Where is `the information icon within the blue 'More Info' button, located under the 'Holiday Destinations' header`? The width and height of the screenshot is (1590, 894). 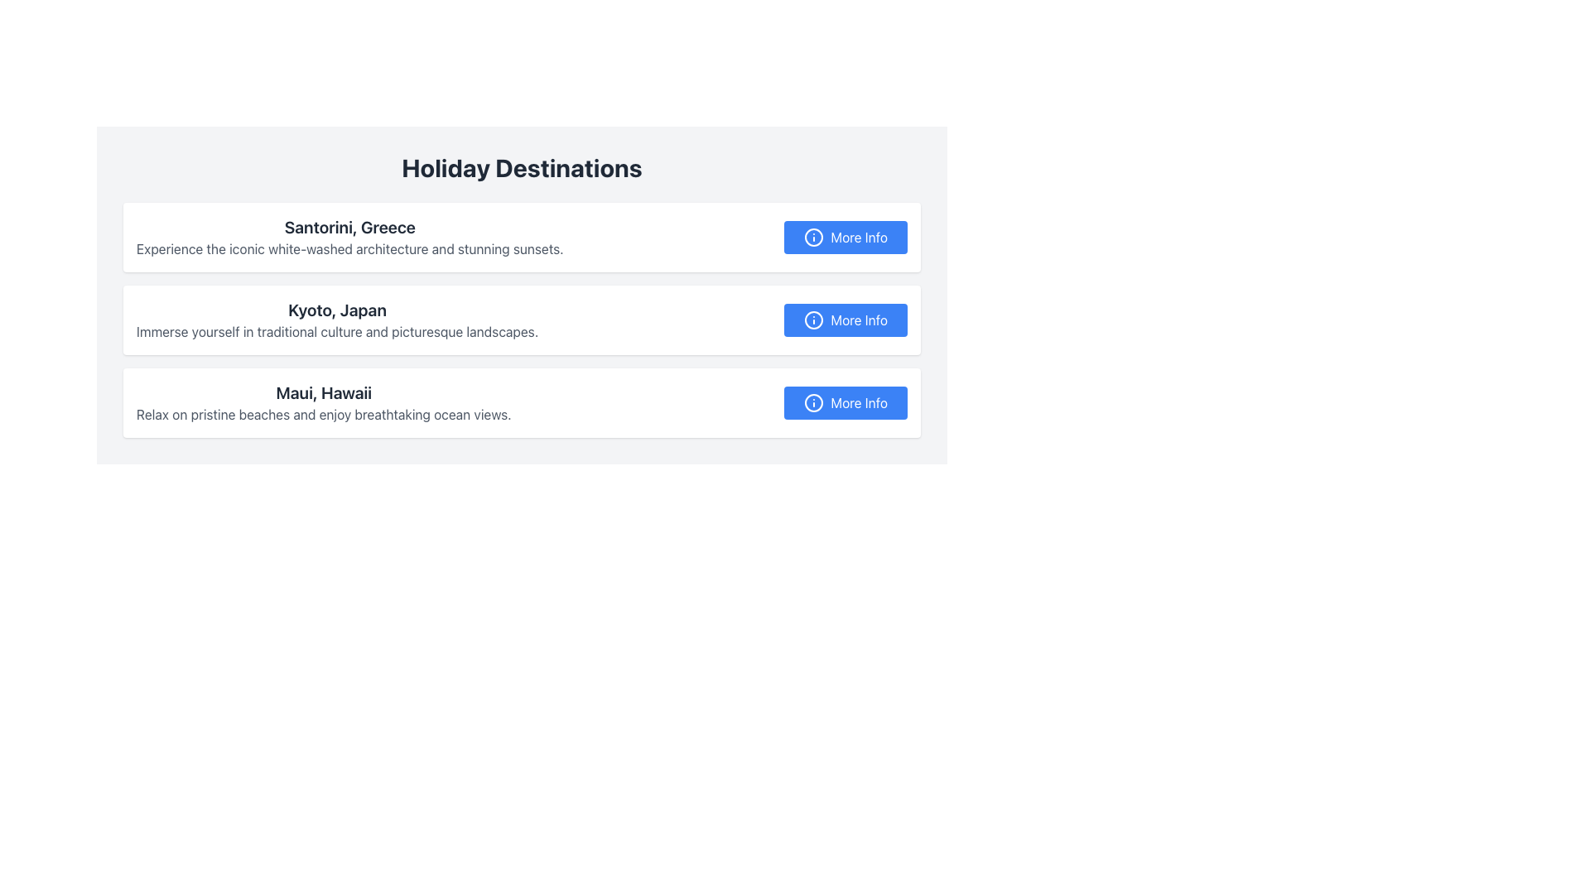
the information icon within the blue 'More Info' button, located under the 'Holiday Destinations' header is located at coordinates (814, 320).